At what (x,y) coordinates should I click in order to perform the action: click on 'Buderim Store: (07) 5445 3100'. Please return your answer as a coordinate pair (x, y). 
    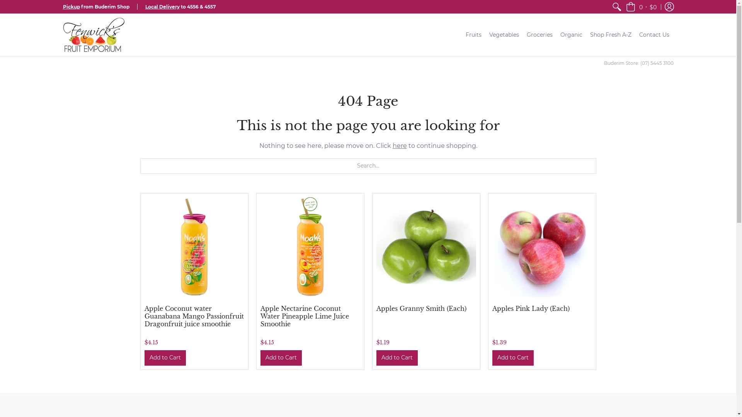
    Looking at the image, I should click on (638, 63).